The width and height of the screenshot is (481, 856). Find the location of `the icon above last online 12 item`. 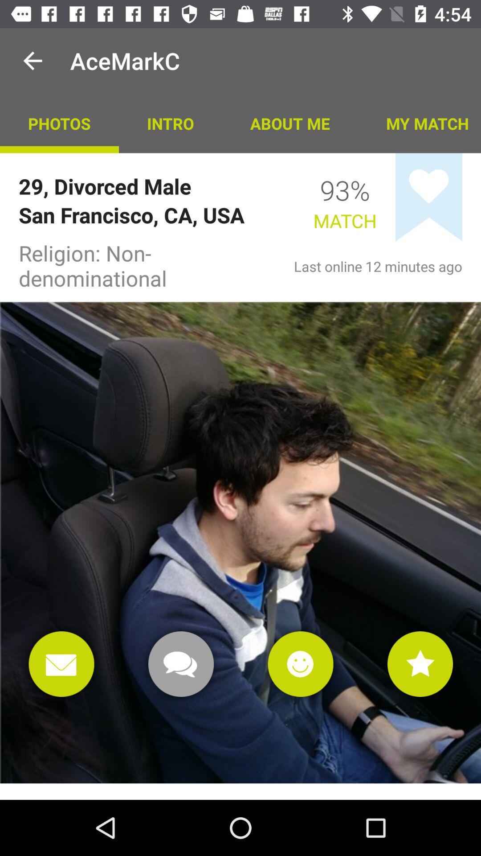

the icon above last online 12 item is located at coordinates (428, 197).